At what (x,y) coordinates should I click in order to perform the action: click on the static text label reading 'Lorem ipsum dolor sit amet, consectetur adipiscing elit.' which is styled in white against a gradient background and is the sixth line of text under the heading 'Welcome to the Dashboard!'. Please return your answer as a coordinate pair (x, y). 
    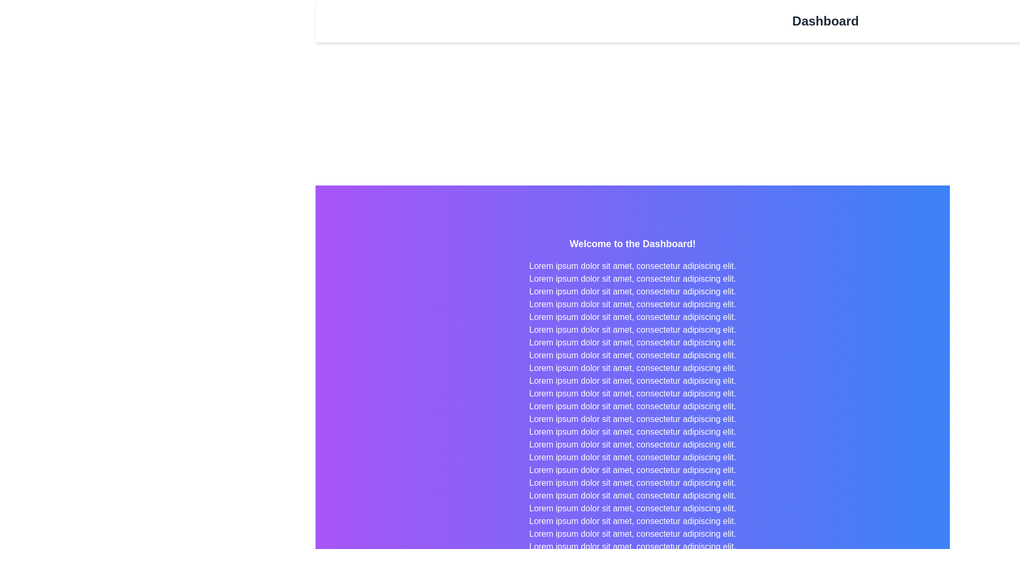
    Looking at the image, I should click on (632, 317).